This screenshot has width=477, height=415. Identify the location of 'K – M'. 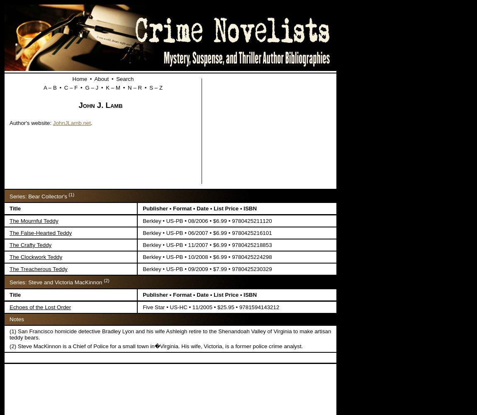
(112, 87).